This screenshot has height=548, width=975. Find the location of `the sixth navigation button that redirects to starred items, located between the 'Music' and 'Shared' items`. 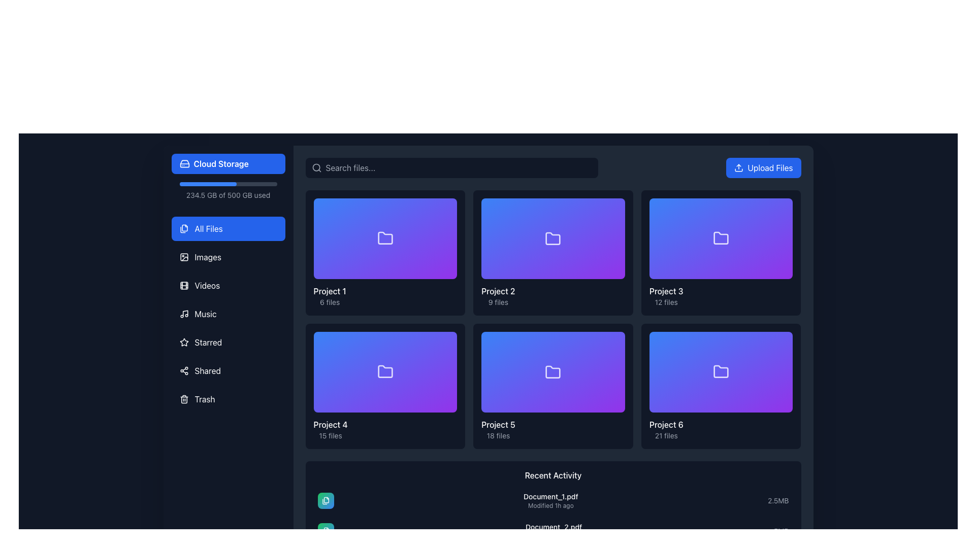

the sixth navigation button that redirects to starred items, located between the 'Music' and 'Shared' items is located at coordinates (227, 342).